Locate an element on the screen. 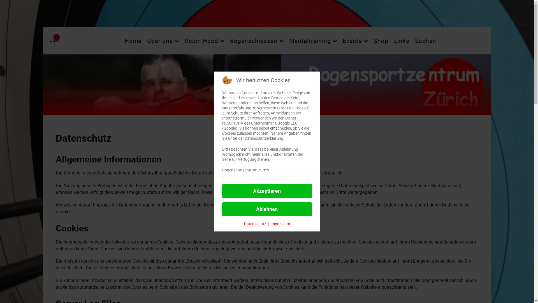 This screenshot has width=538, height=303. 'Events' is located at coordinates (355, 40).